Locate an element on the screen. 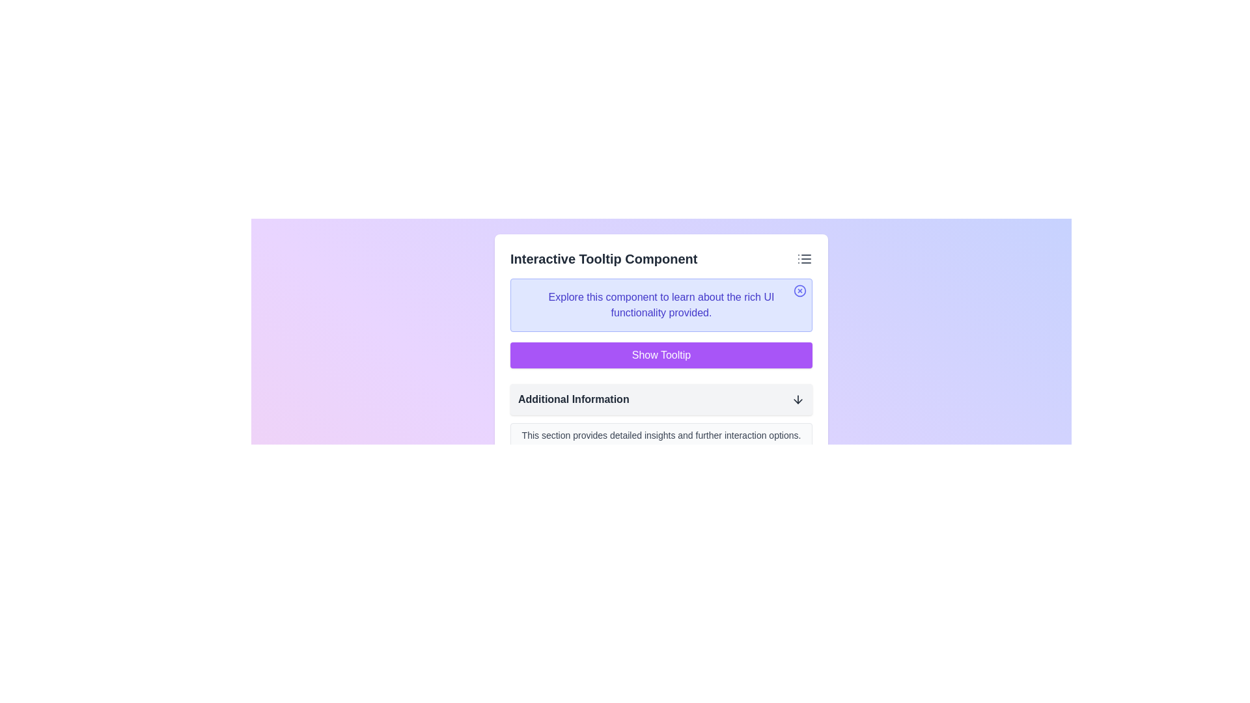  the button located below the light purple information box and above the 'Additional Information' section for keyboard interaction is located at coordinates (661, 348).